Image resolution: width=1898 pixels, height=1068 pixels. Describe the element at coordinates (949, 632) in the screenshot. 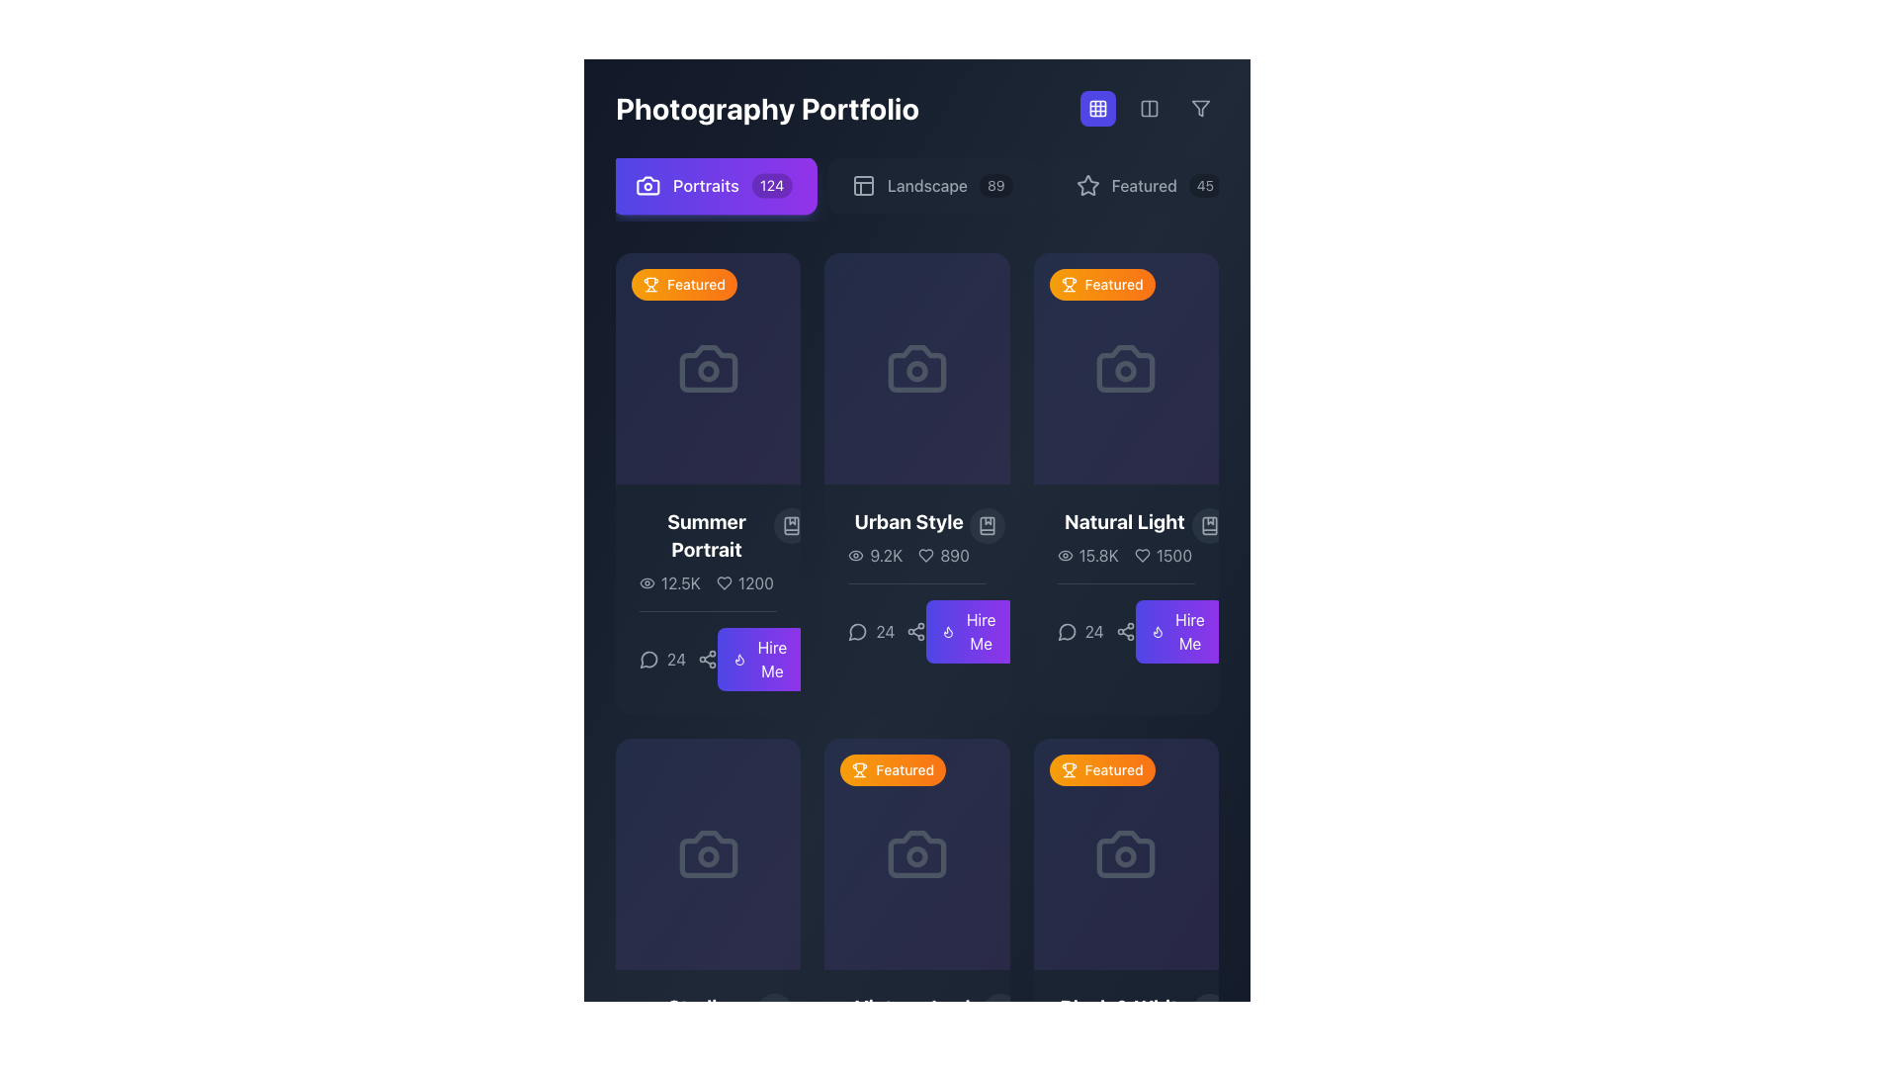

I see `the flame icon within the 'Hire Me' button on the second card of the second row in the 'Urban Style' section to emphasize urgency in hiring` at that location.